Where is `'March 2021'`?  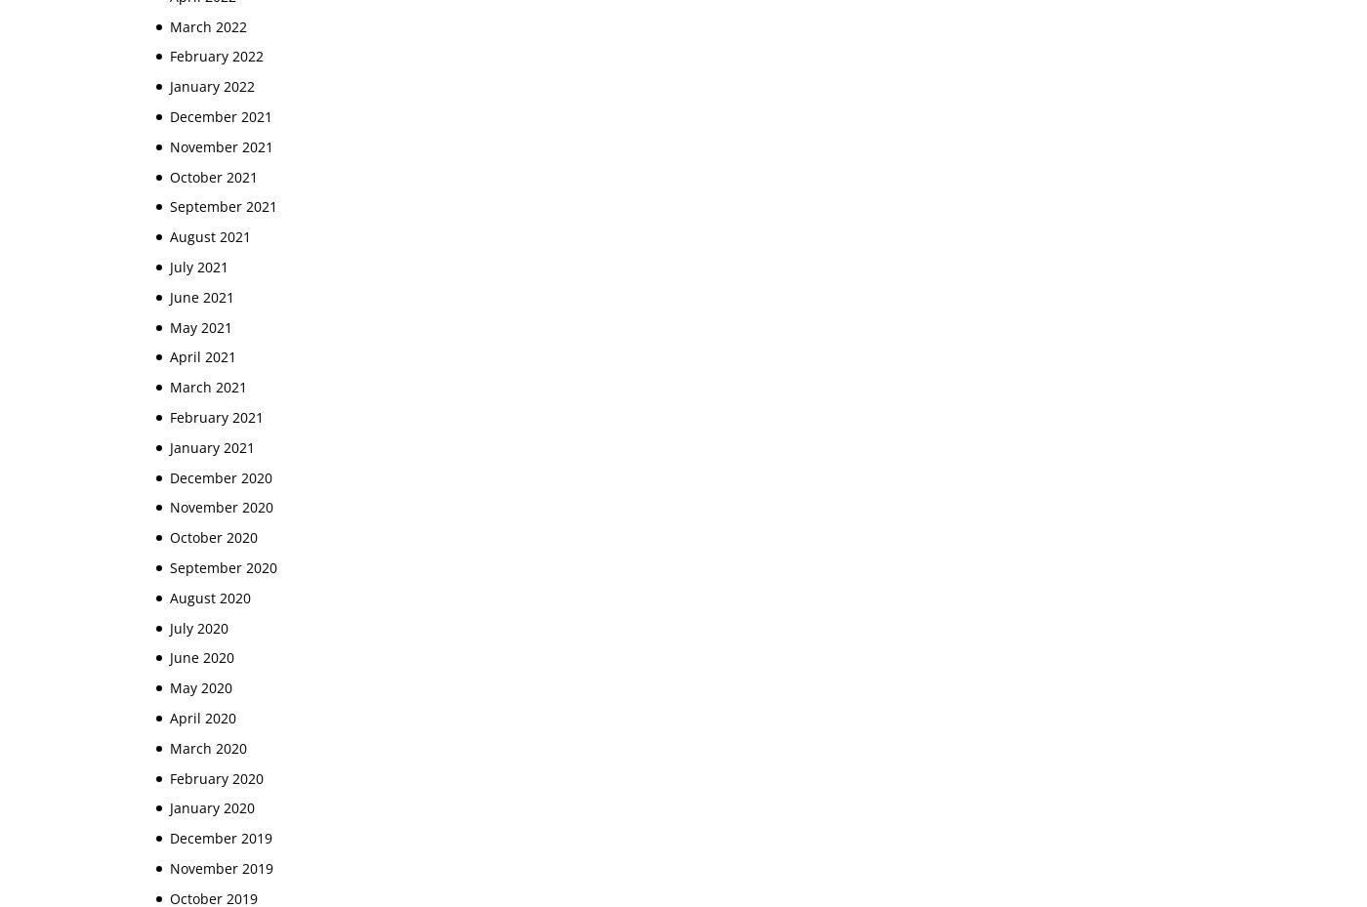
'March 2021' is located at coordinates (208, 386).